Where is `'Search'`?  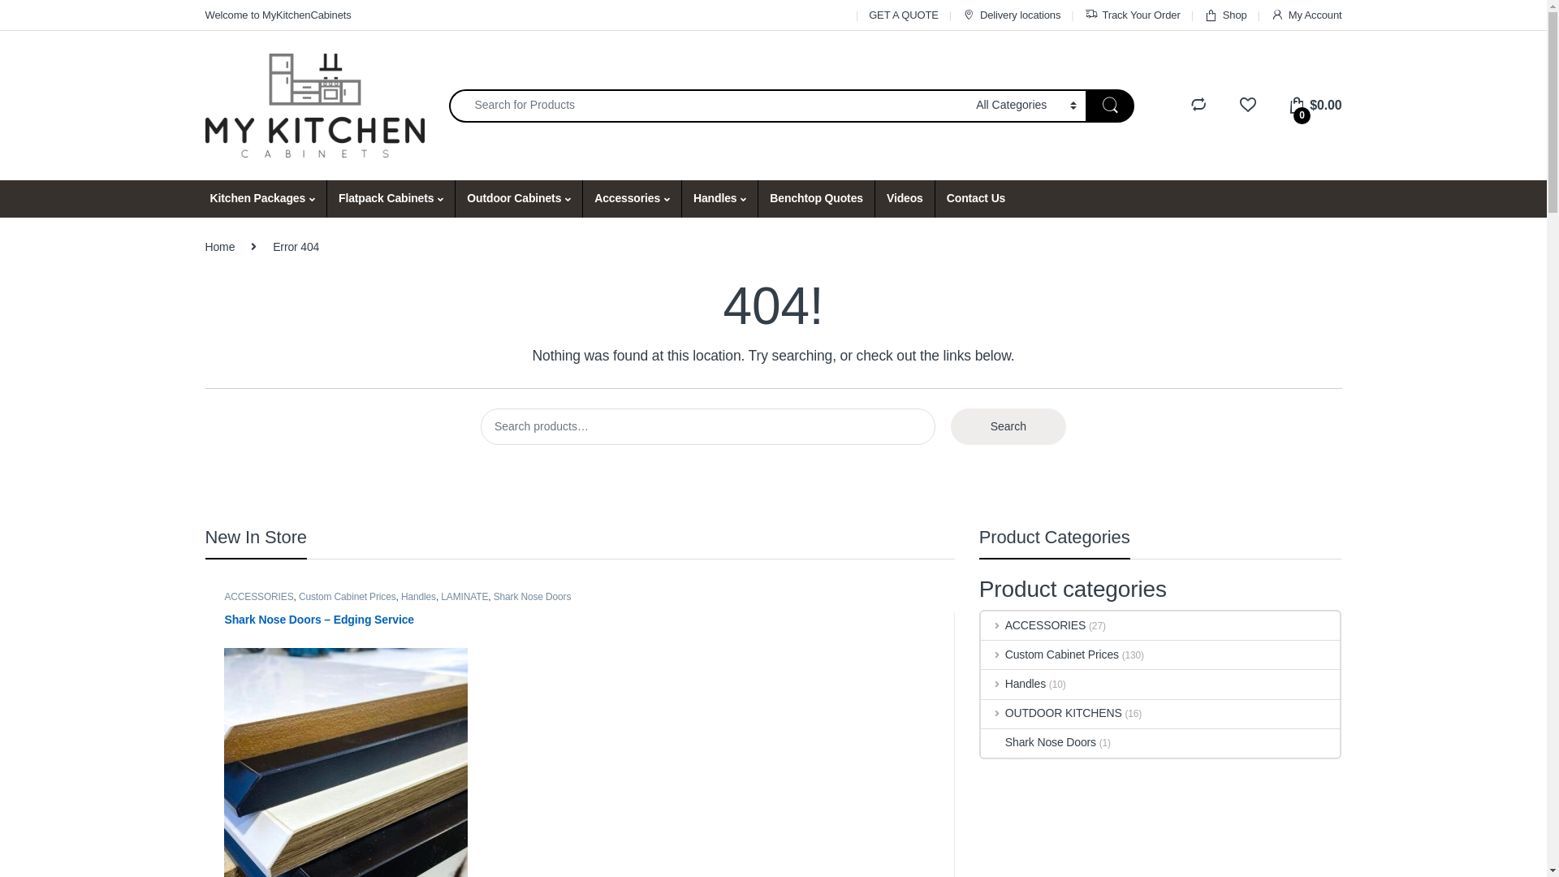
'Search' is located at coordinates (951, 426).